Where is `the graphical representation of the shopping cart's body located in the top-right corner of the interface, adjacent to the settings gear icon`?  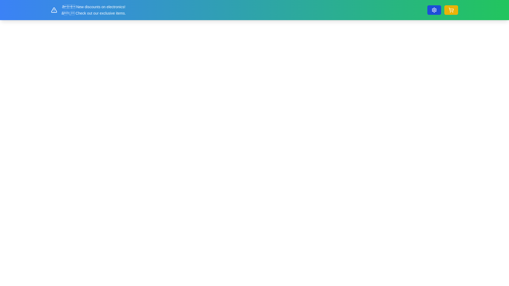
the graphical representation of the shopping cart's body located in the top-right corner of the interface, adjacent to the settings gear icon is located at coordinates (451, 9).